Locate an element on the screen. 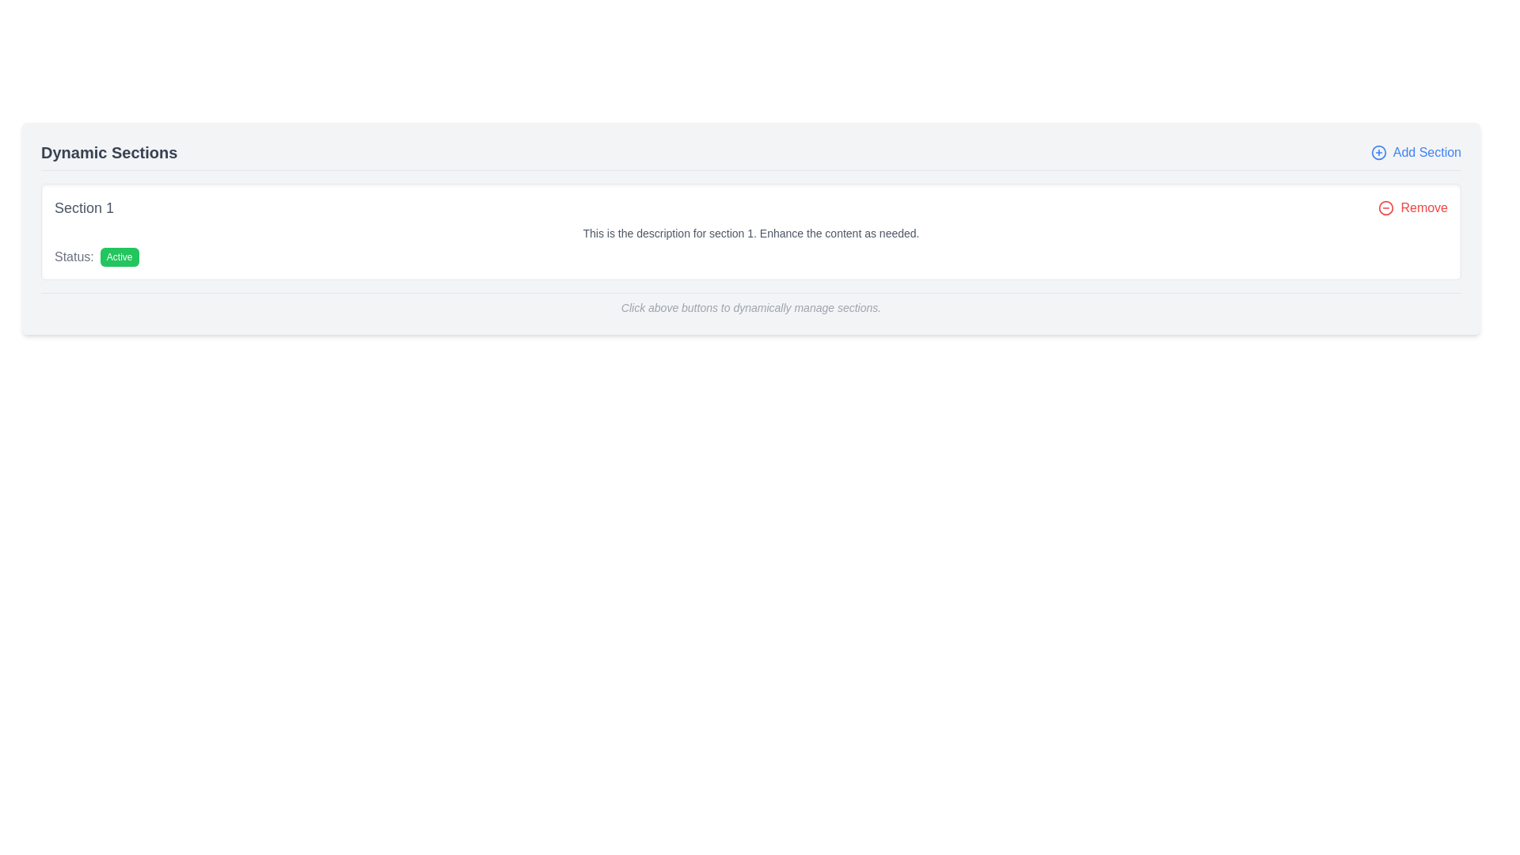 The height and width of the screenshot is (855, 1520). the 'Add Section' text label is located at coordinates (1427, 152).